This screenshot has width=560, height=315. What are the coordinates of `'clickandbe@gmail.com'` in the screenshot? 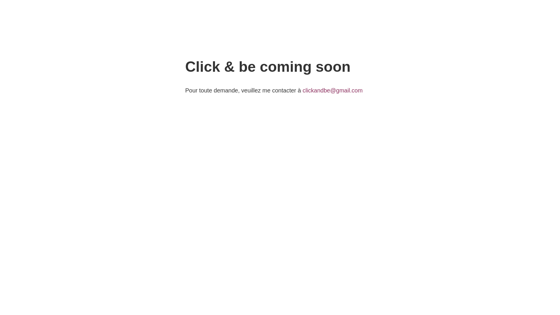 It's located at (332, 90).